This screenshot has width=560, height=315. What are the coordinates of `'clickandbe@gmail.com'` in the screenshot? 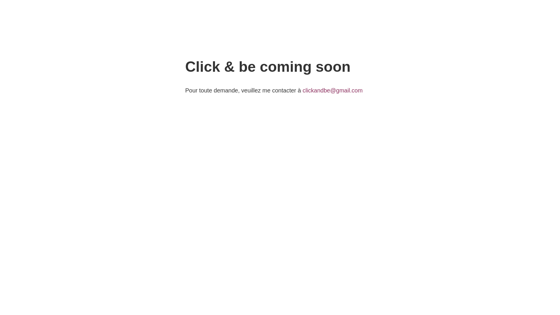 It's located at (332, 90).